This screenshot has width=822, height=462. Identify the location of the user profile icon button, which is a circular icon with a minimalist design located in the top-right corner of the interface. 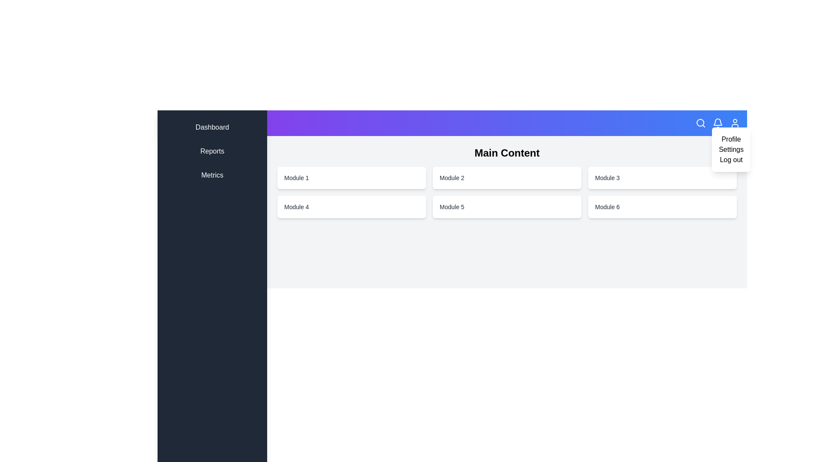
(735, 123).